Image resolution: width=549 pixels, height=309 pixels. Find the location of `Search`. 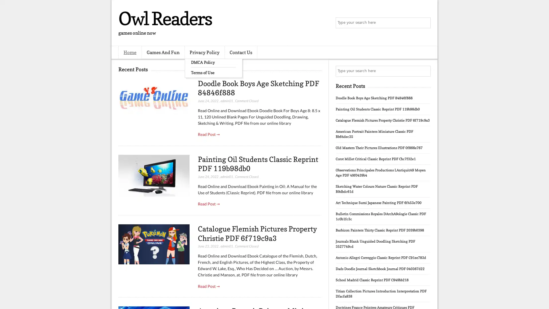

Search is located at coordinates (425, 23).